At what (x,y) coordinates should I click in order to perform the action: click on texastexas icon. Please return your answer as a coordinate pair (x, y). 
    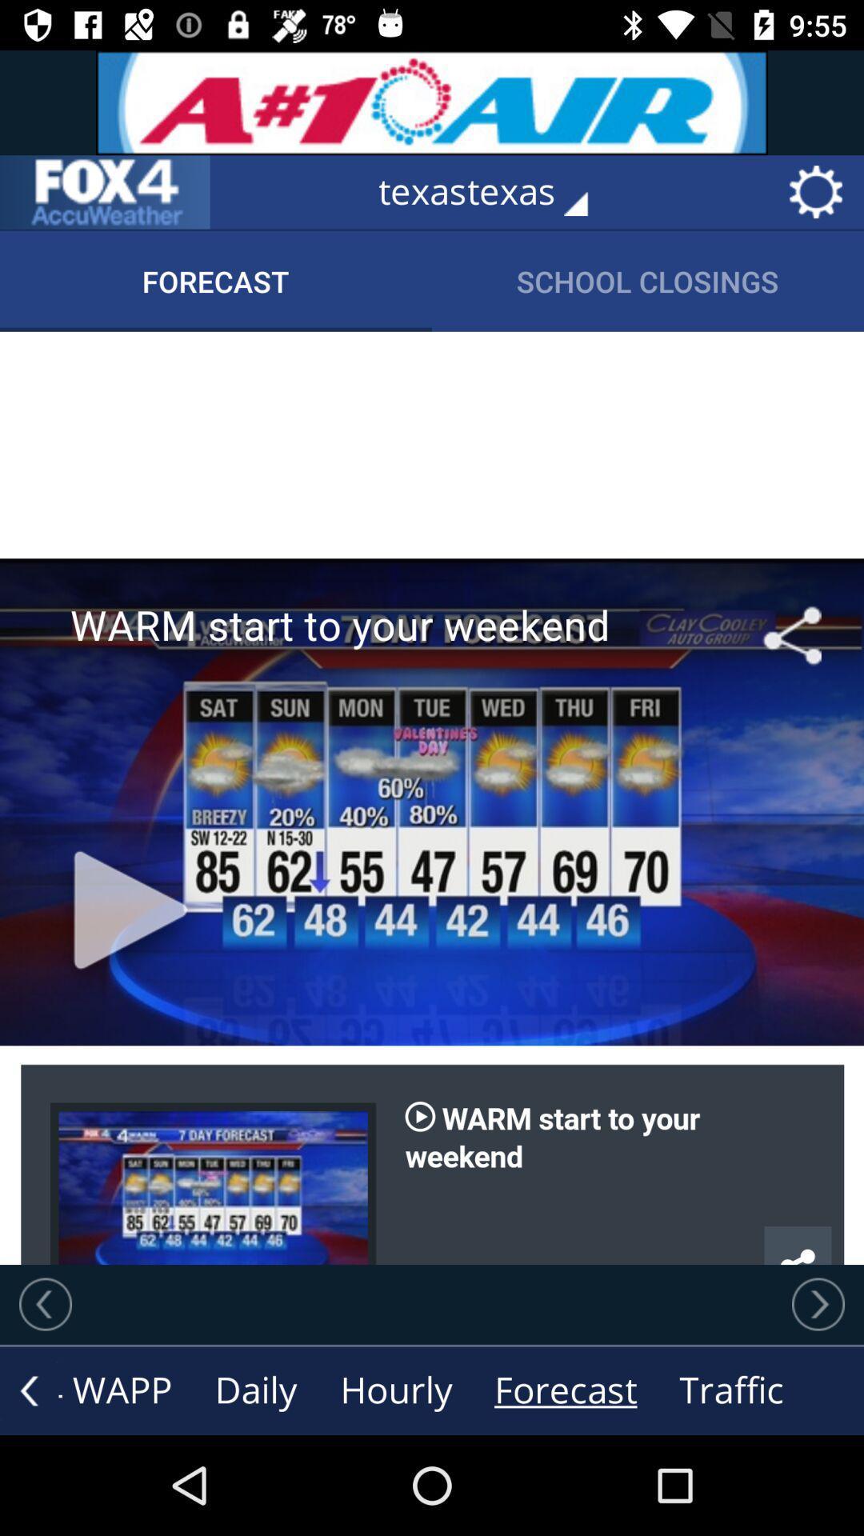
    Looking at the image, I should click on (494, 192).